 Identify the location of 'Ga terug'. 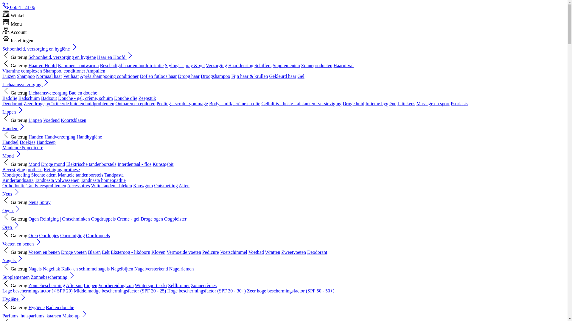
(15, 57).